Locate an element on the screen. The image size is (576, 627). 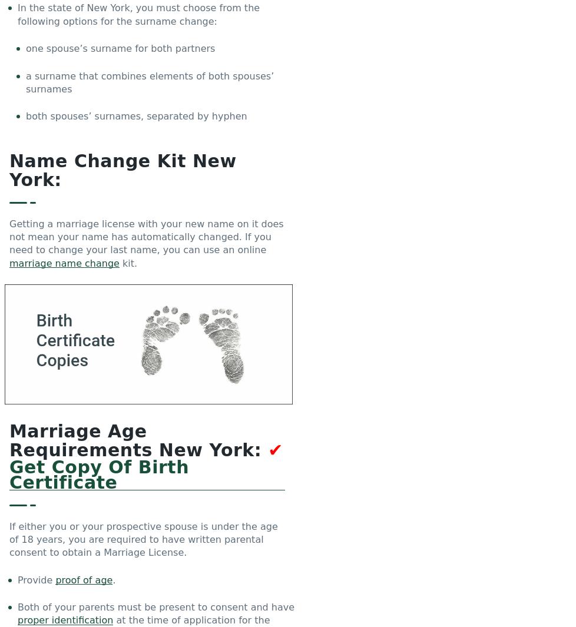
'Marriage Age Requirements New York:' is located at coordinates (138, 440).